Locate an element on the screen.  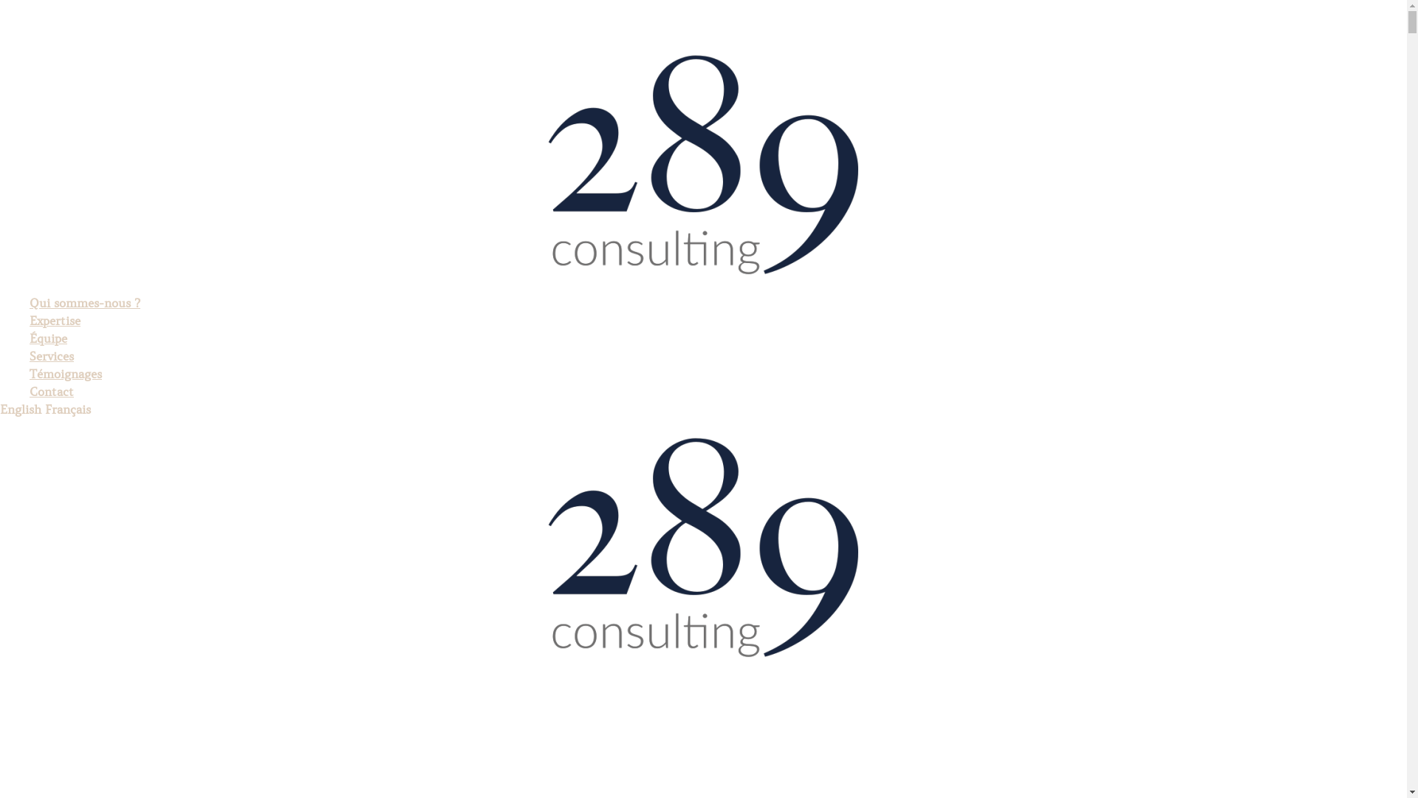
'Qui sommes-nous ?' is located at coordinates (84, 301).